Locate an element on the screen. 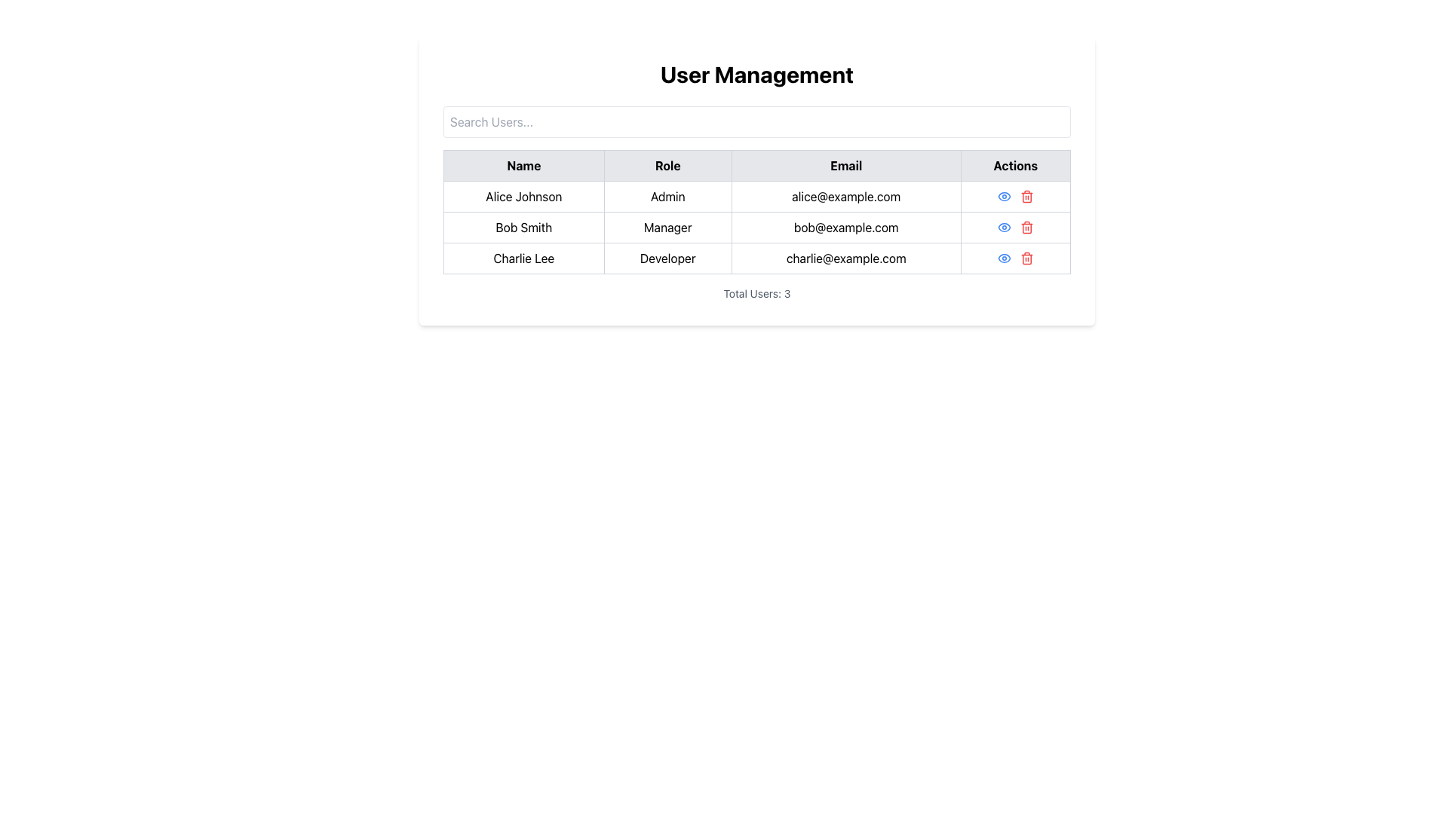  the 'Manager' text label located in the second row and second column of the data table under the 'Role' column, which is styled with a border and padding is located at coordinates (667, 227).